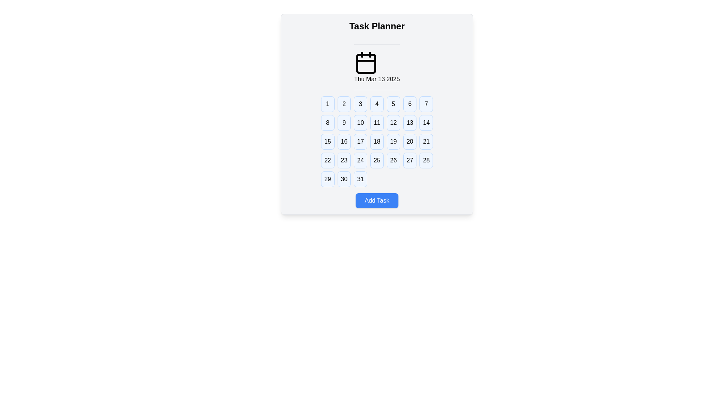 The width and height of the screenshot is (721, 406). What do you see at coordinates (426, 104) in the screenshot?
I see `the rectangular button with rounded corners, light blue background, and the bold number '7' at its center` at bounding box center [426, 104].